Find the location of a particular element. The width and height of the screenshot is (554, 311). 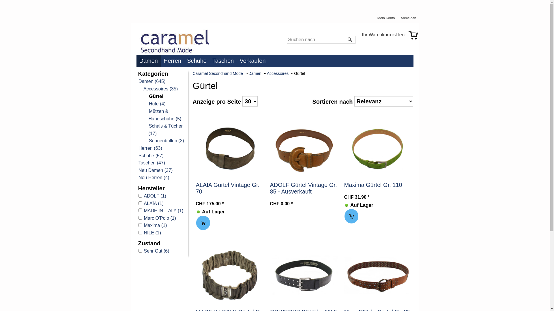

'Auf Lager' is located at coordinates (346, 205).